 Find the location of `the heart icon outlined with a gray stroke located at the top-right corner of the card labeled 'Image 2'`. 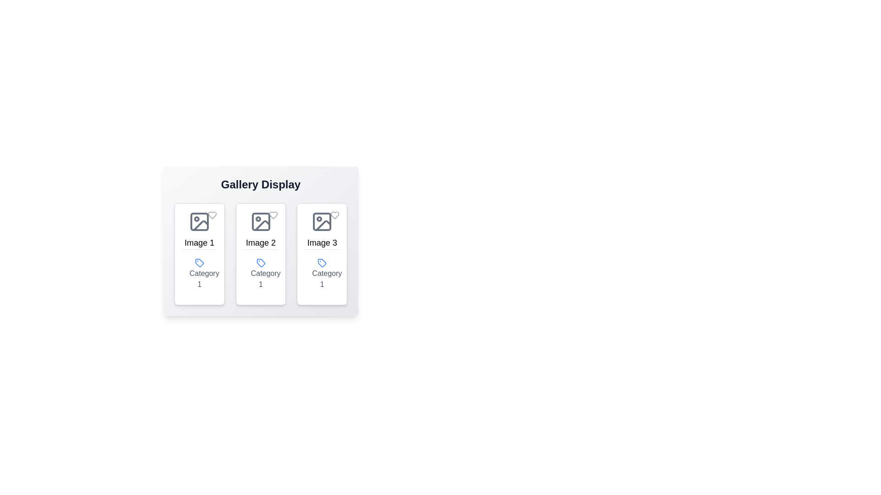

the heart icon outlined with a gray stroke located at the top-right corner of the card labeled 'Image 2' is located at coordinates (273, 215).